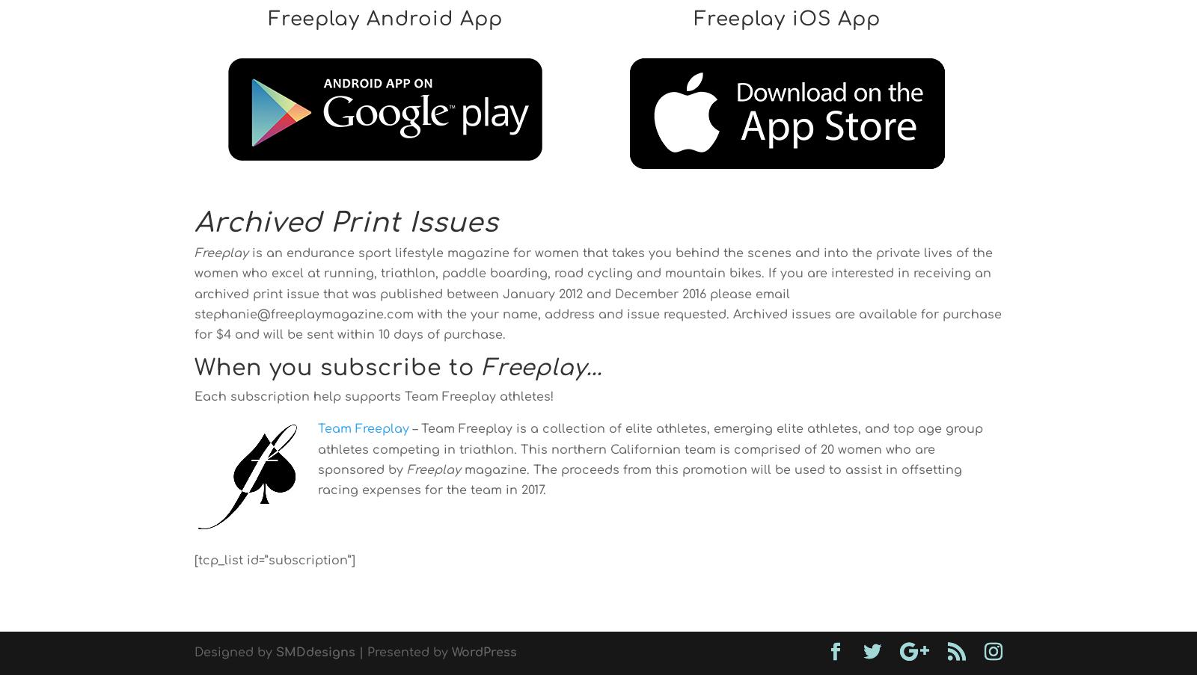 The height and width of the screenshot is (675, 1197). I want to click on '– Team Freeplay is a collection of elite athletes, emerging elite athletes, and top age group athletes competing in triathlon. This northern Californian team is comprised of 20 women who are sponsored by', so click(649, 449).